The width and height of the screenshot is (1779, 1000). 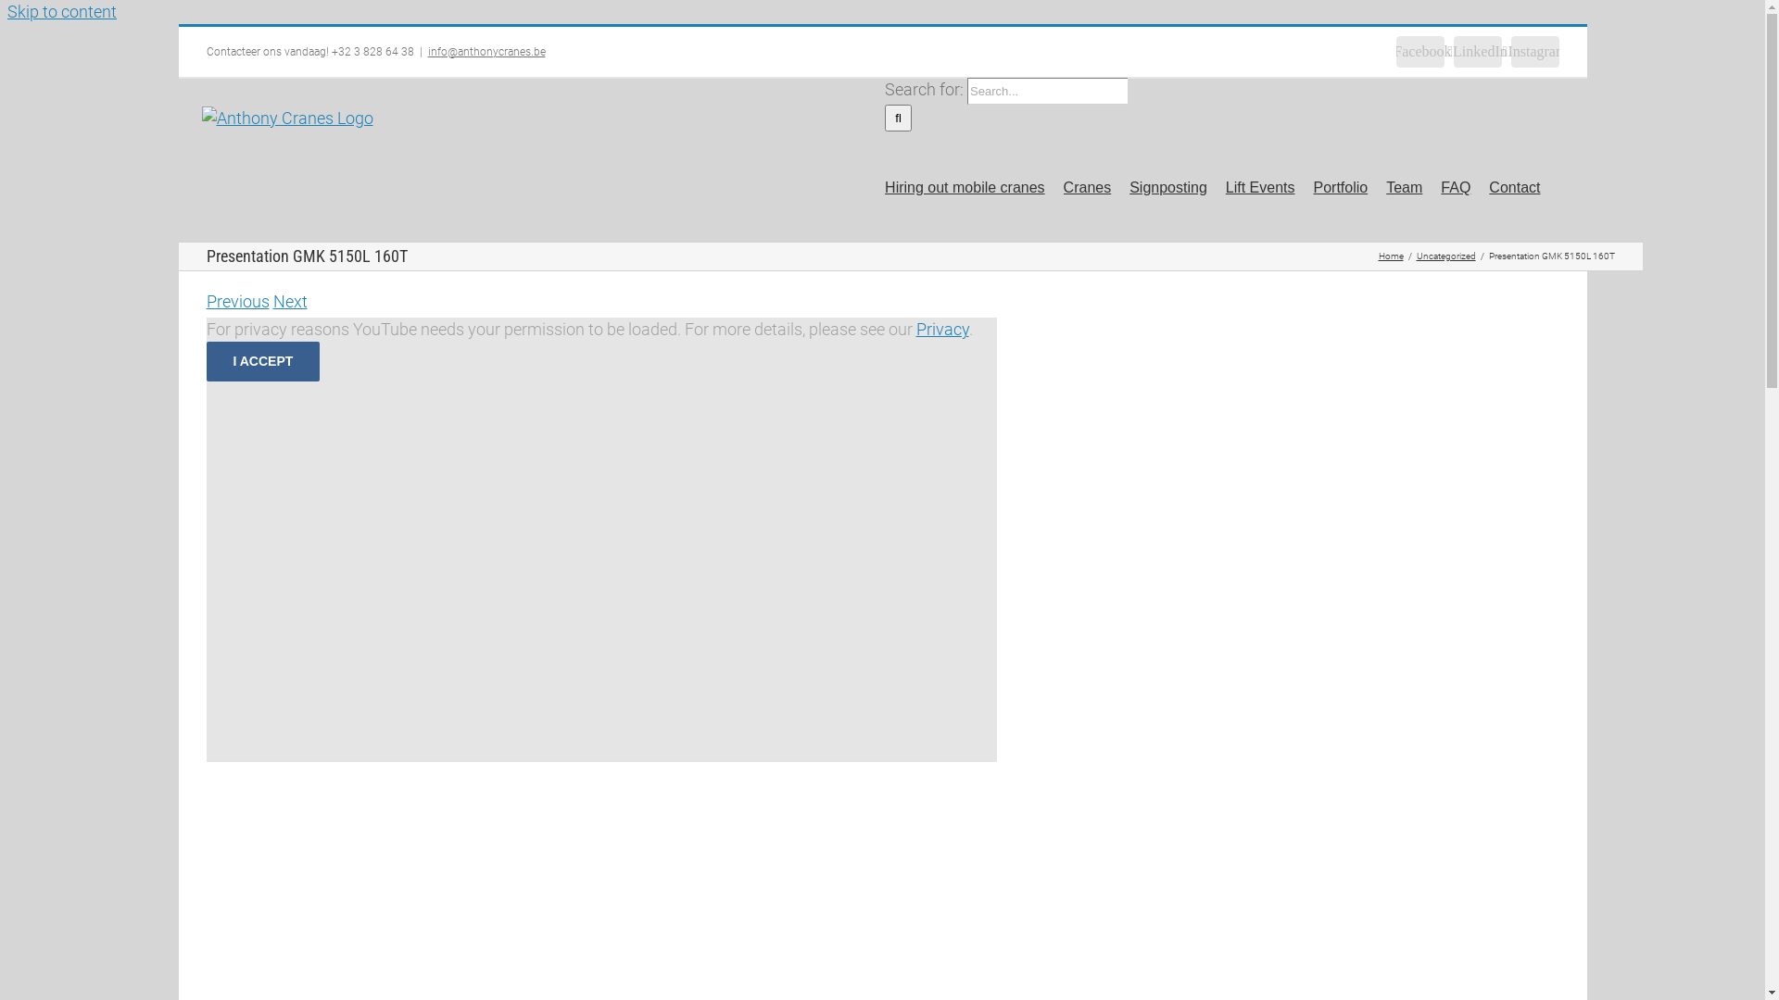 I want to click on 'I ACCEPT', so click(x=205, y=361).